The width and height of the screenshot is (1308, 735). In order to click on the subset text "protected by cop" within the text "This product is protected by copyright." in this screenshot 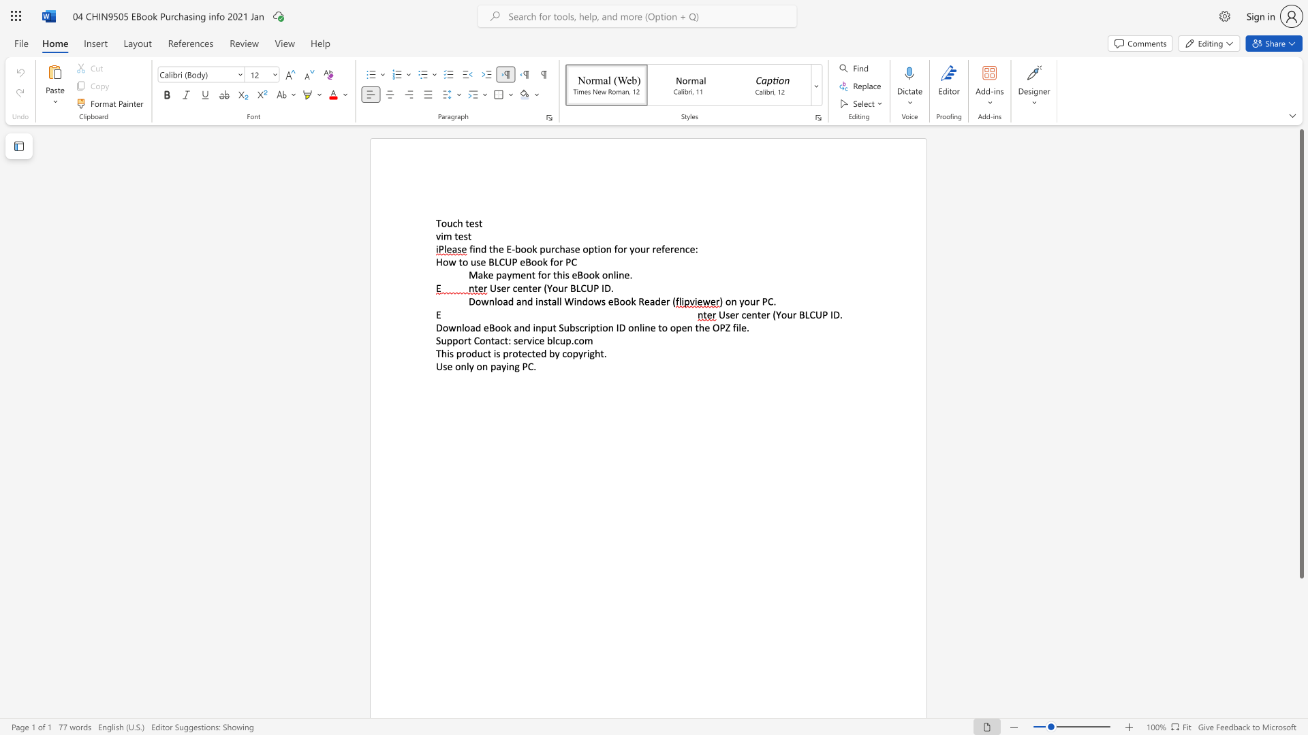, I will do `click(502, 353)`.